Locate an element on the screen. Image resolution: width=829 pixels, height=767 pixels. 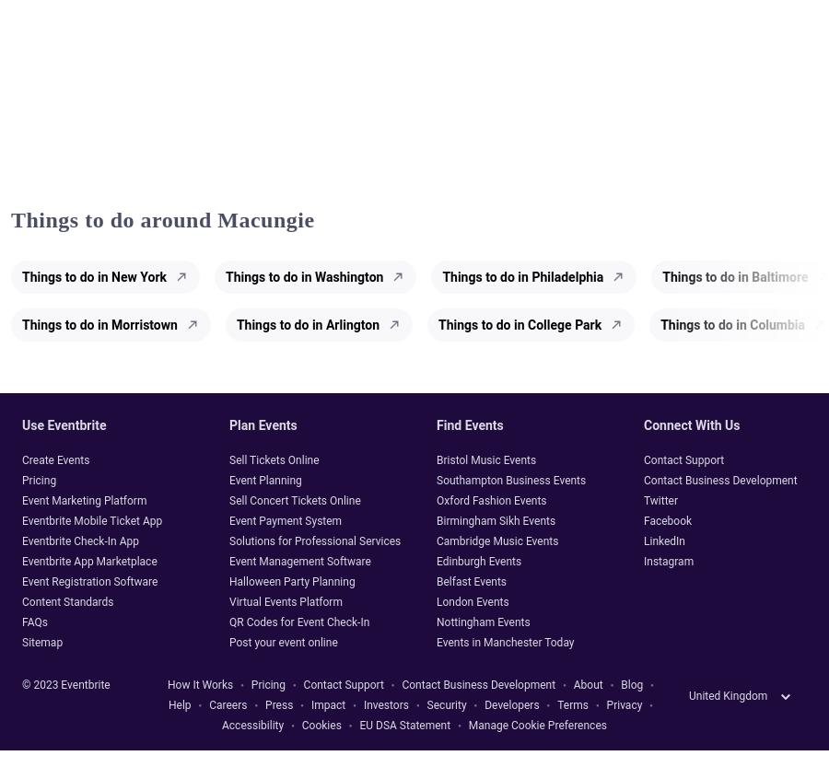
'Edinburgh Events' is located at coordinates (478, 561).